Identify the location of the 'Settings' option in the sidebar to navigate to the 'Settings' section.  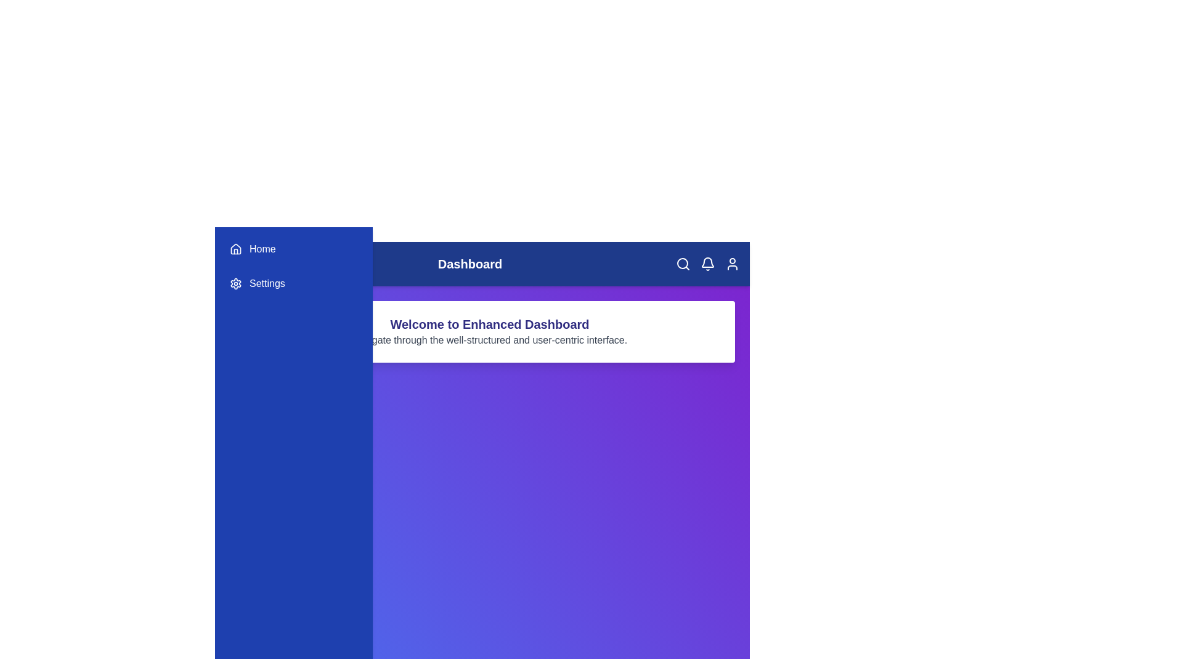
(293, 284).